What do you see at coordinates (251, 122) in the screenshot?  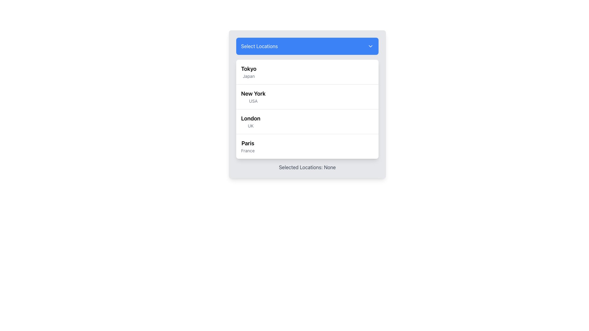 I see `the dropdown menu option for 'London, UK', which is the third entry in the list` at bounding box center [251, 122].